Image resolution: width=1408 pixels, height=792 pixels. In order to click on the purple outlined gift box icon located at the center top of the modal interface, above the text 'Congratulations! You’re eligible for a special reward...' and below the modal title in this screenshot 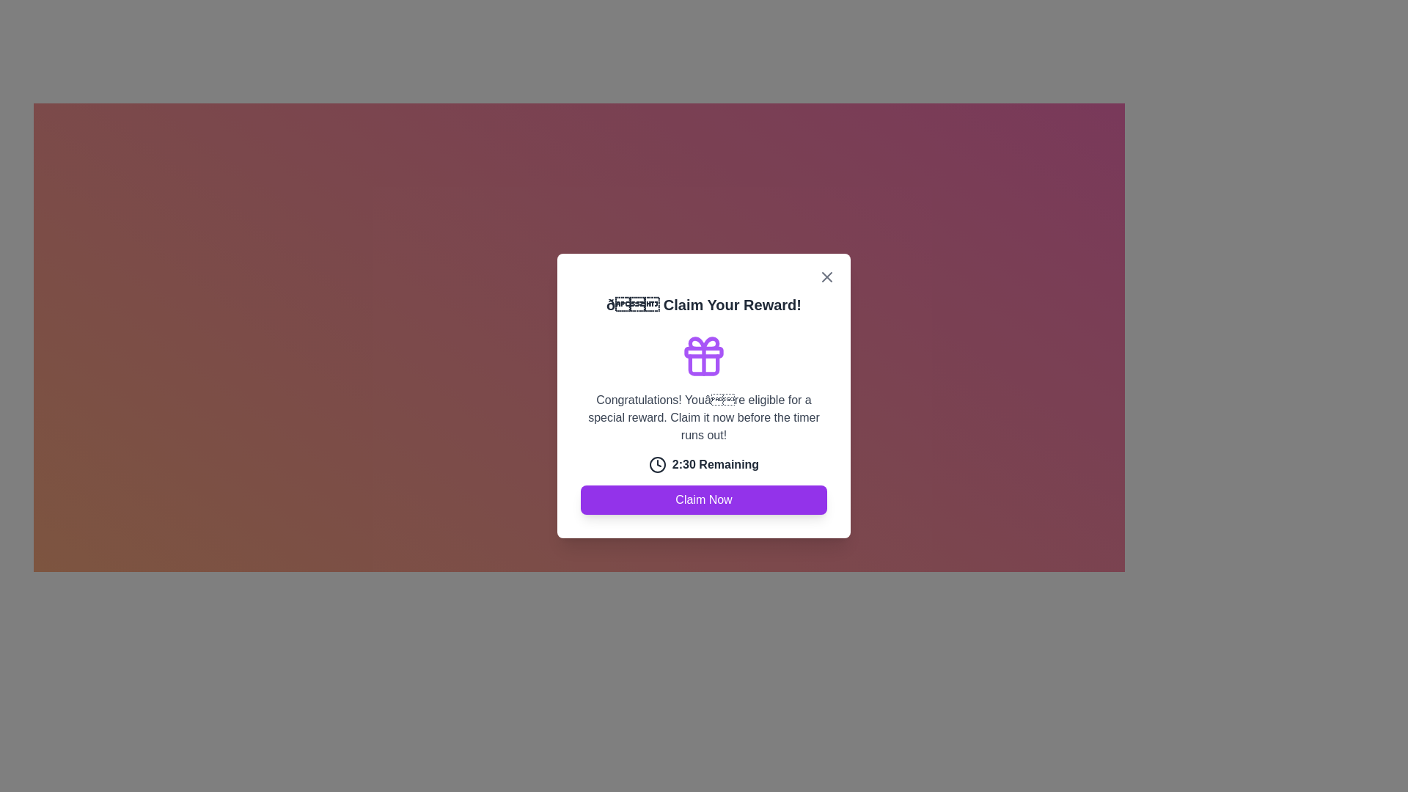, I will do `click(704, 356)`.